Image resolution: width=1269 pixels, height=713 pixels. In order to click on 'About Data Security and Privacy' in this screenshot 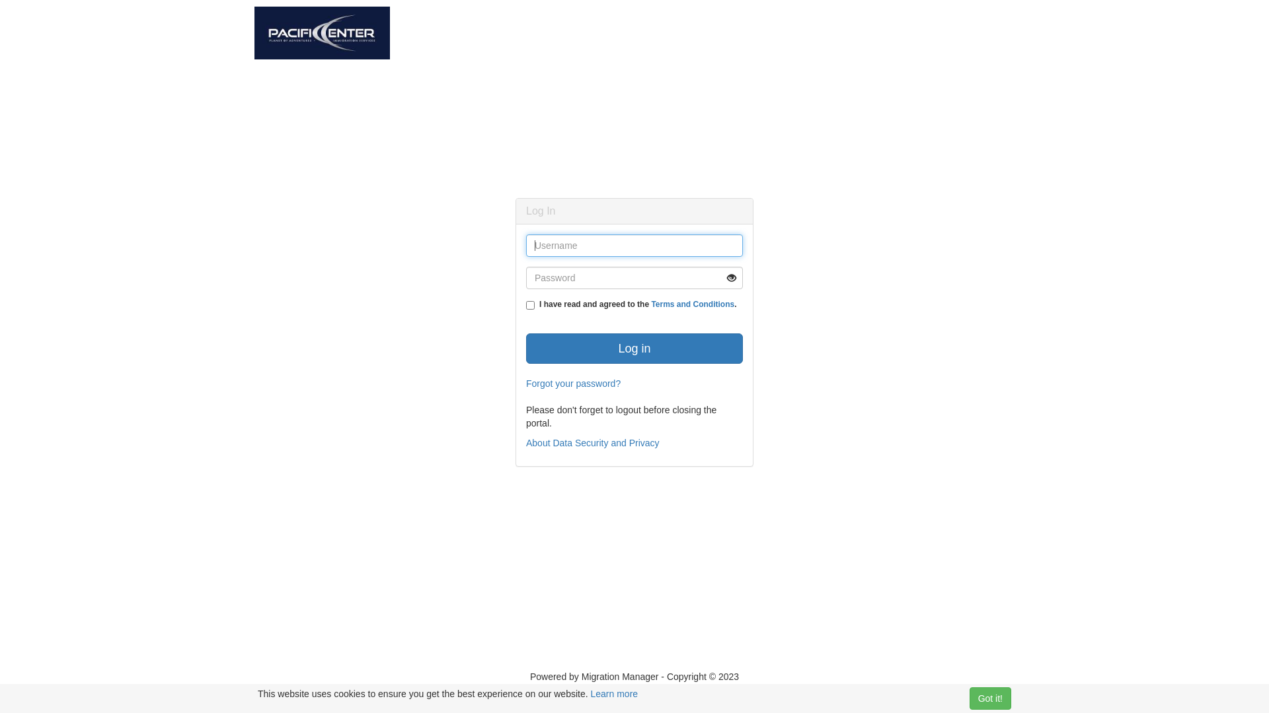, I will do `click(592, 443)`.